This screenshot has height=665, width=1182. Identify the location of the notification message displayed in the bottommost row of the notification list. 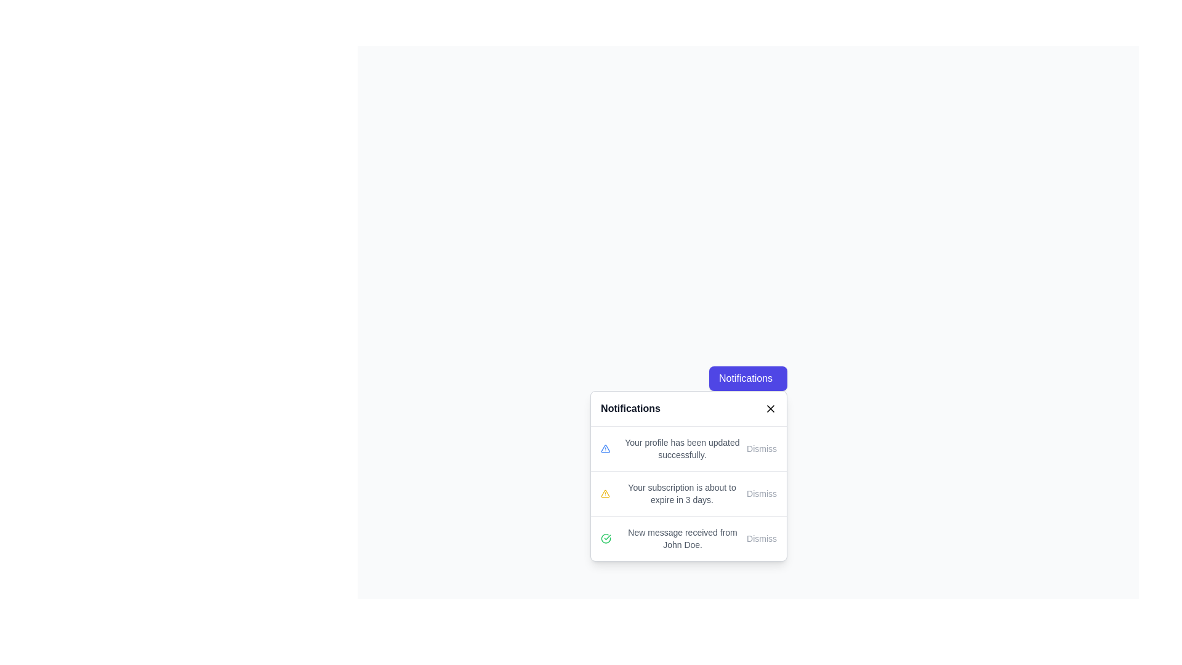
(681, 538).